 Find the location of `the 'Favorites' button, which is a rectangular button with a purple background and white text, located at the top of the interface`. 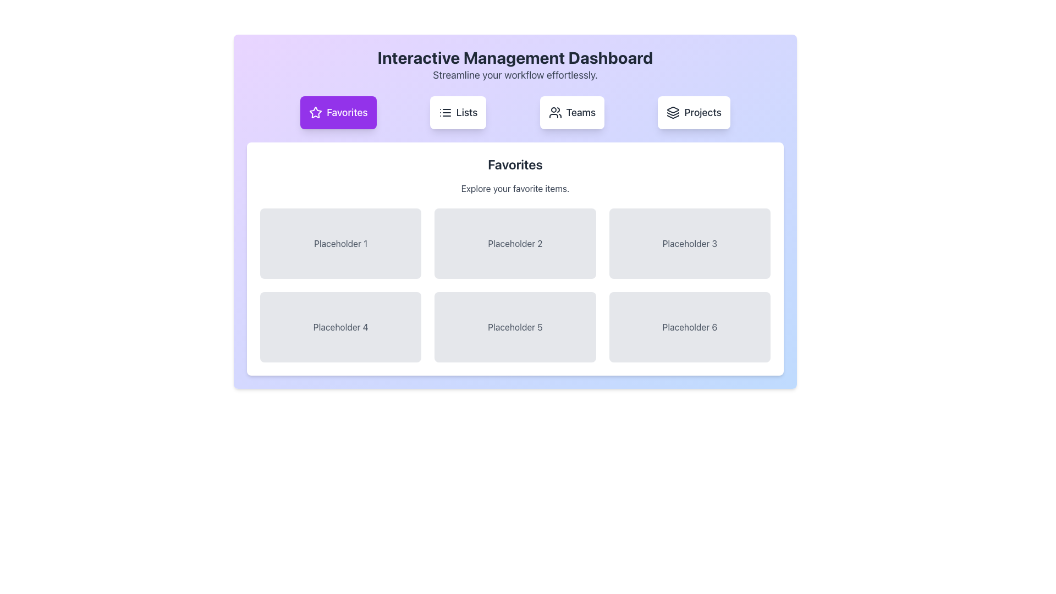

the 'Favorites' button, which is a rectangular button with a purple background and white text, located at the top of the interface is located at coordinates (338, 112).